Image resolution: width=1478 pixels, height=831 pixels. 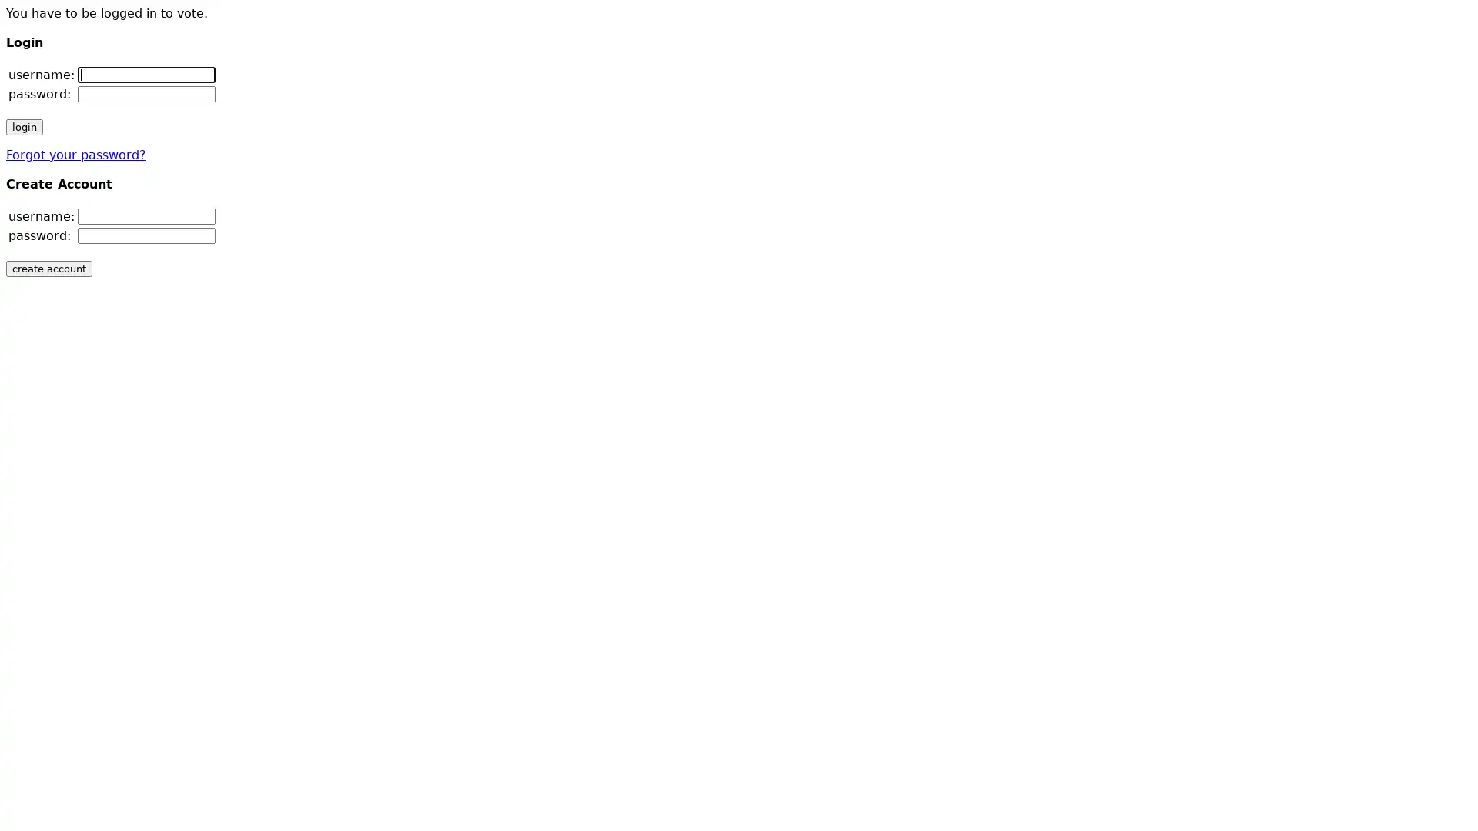 What do you see at coordinates (25, 126) in the screenshot?
I see `login` at bounding box center [25, 126].